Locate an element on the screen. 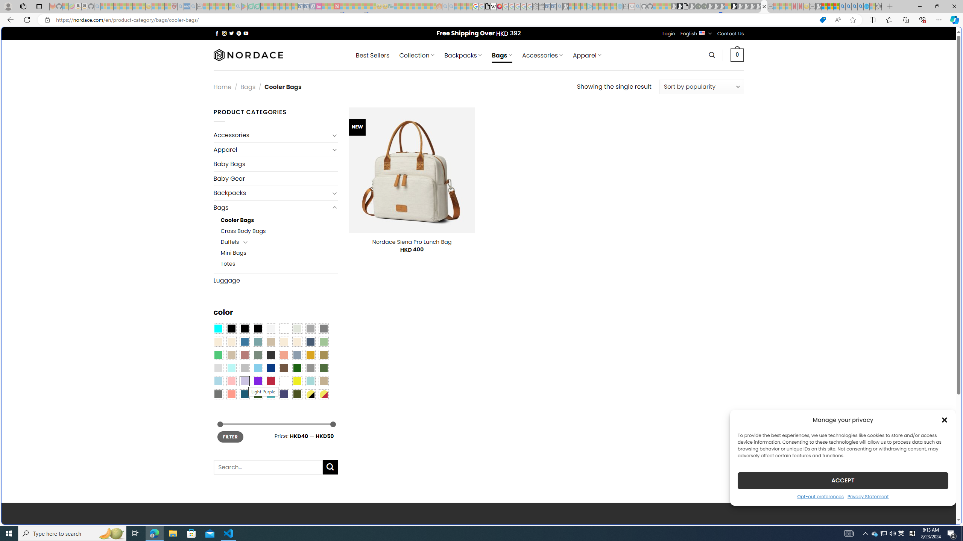 Image resolution: width=963 pixels, height=541 pixels. 'Bluey: Let' is located at coordinates (244, 6).